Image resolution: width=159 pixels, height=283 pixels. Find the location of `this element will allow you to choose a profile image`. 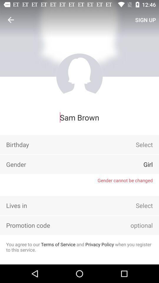

this element will allow you to choose a profile image is located at coordinates (79, 76).